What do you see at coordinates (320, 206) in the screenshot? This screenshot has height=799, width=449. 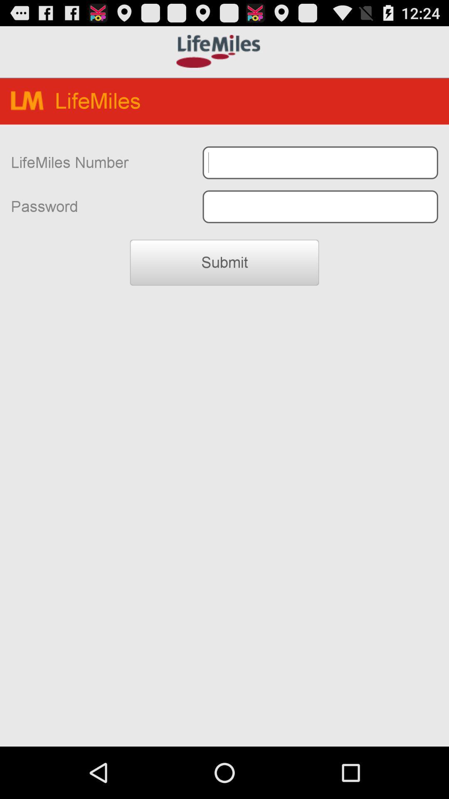 I see `click on the input password option` at bounding box center [320, 206].